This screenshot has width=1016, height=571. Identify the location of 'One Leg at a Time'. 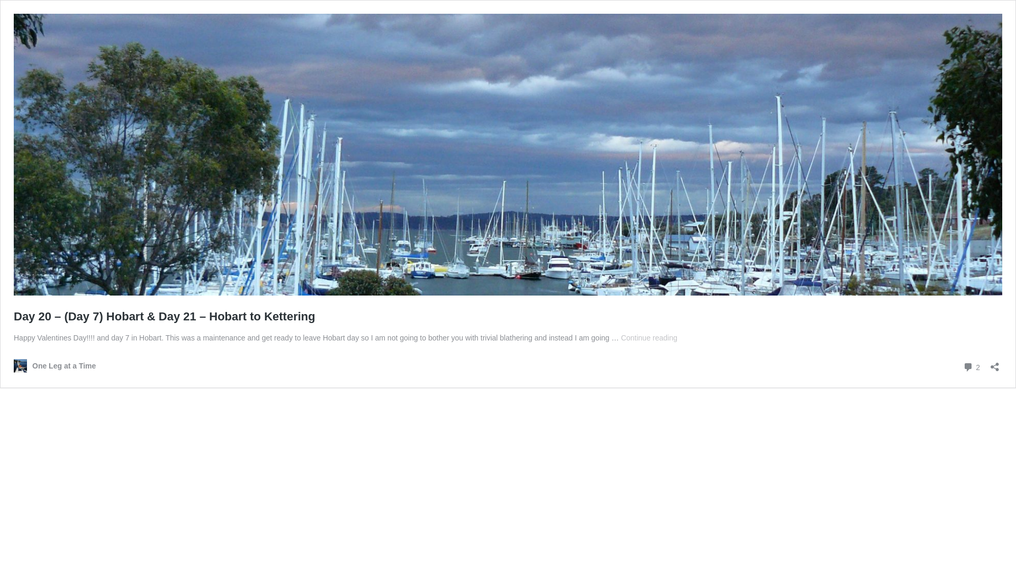
(54, 365).